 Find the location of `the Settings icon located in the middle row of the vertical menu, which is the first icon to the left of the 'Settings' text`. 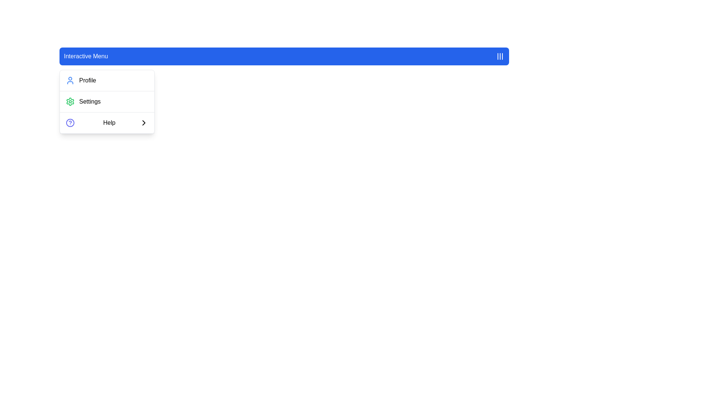

the Settings icon located in the middle row of the vertical menu, which is the first icon to the left of the 'Settings' text is located at coordinates (70, 101).